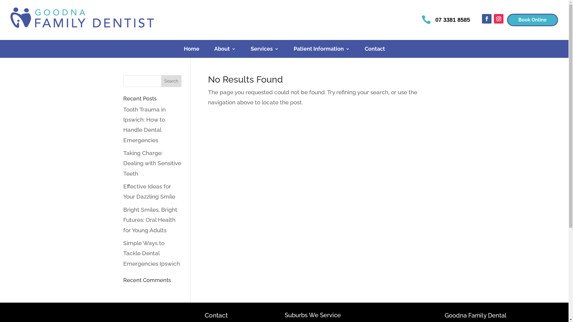 The image size is (573, 322). Describe the element at coordinates (435, 19) in the screenshot. I see `'07 3381 8585'` at that location.